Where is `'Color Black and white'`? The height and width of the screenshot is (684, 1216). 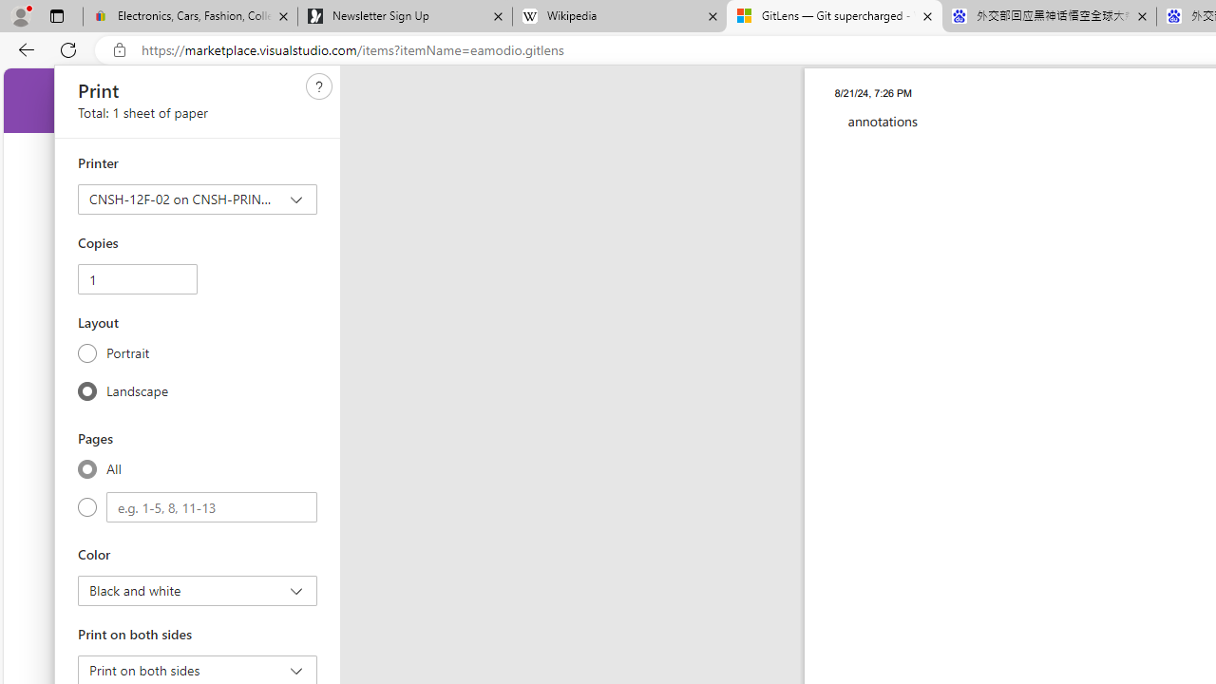
'Color Black and white' is located at coordinates (198, 590).